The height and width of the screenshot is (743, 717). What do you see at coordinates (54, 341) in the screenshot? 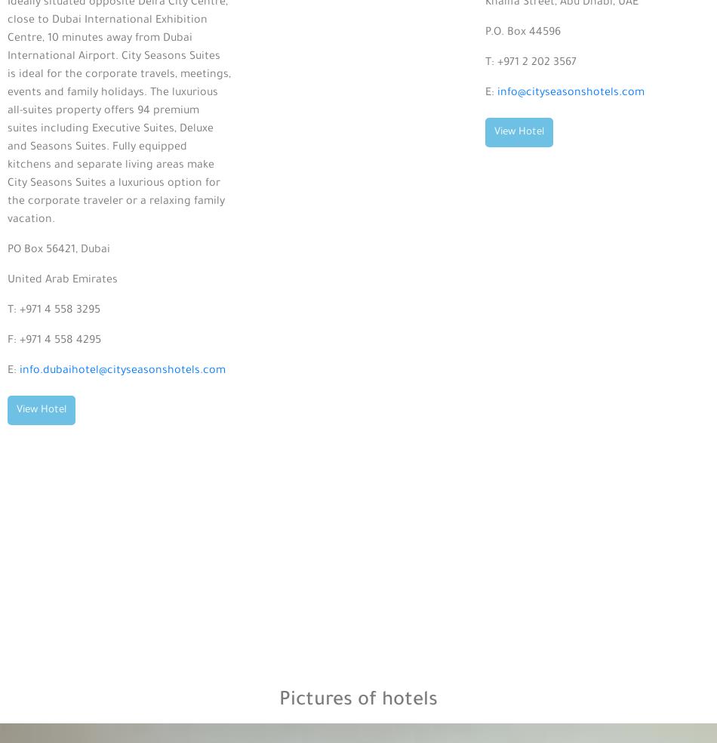
I see `'F: +971 4 558 4295'` at bounding box center [54, 341].